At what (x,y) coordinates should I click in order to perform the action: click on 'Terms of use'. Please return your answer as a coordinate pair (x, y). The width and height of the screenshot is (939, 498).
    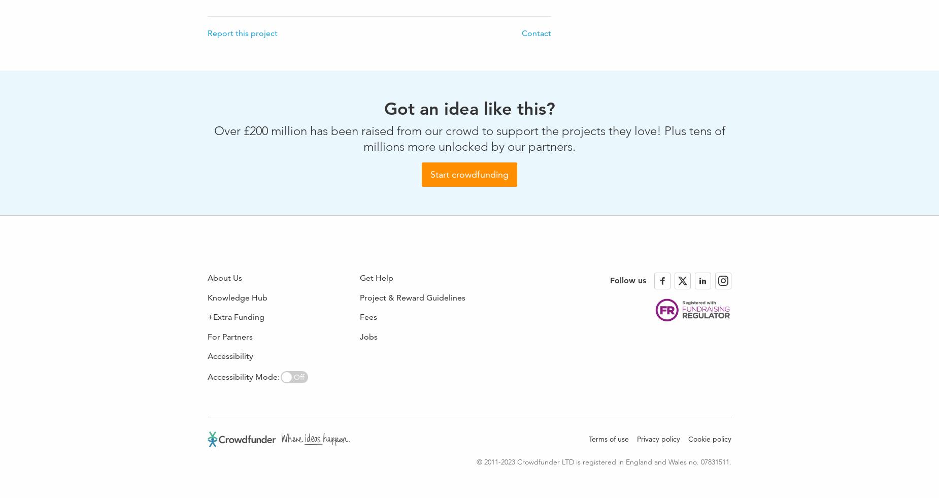
    Looking at the image, I should click on (608, 439).